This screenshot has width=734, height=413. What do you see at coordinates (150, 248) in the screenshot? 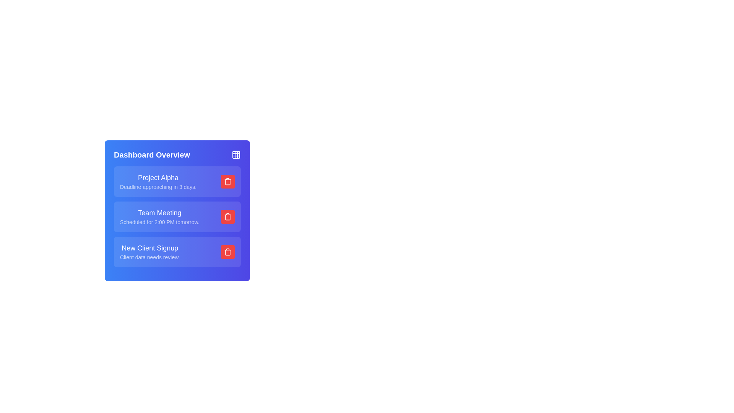
I see `the label that serves as the title or header of an item in the list, located above the description text 'Client data needs review.' in the third card under 'Dashboard Overview.'` at bounding box center [150, 248].